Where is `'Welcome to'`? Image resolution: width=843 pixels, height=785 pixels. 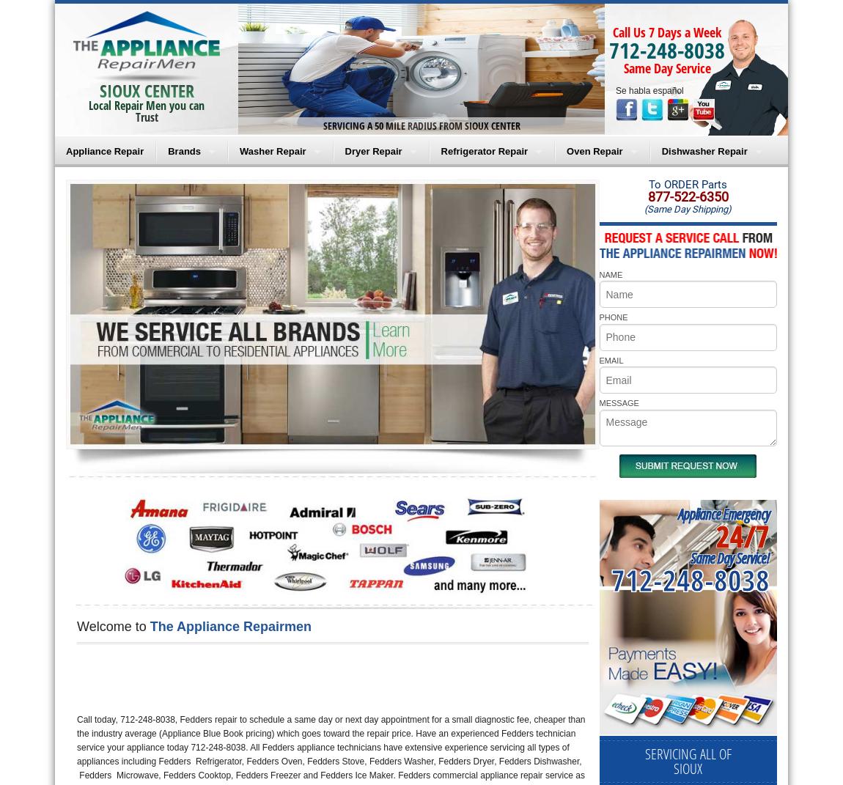
'Welcome to' is located at coordinates (112, 626).